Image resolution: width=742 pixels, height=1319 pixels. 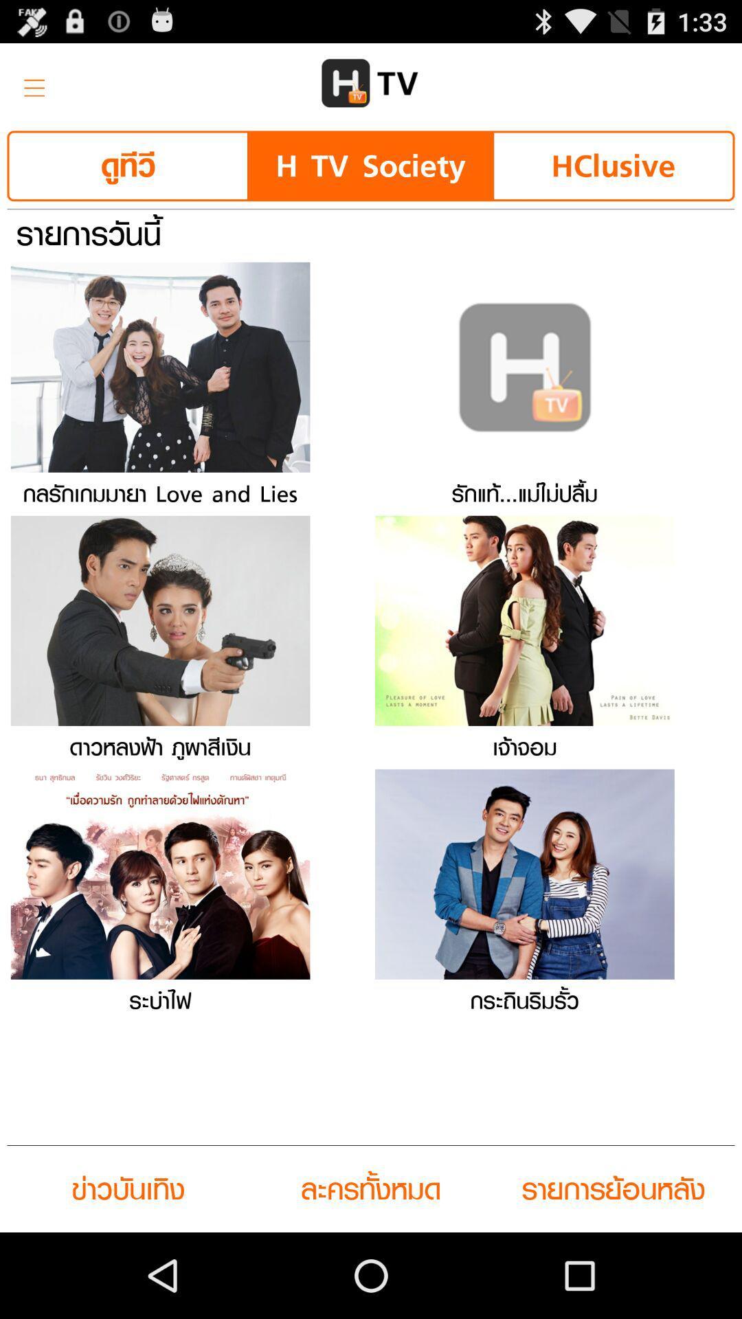 I want to click on icon next to the h tv society button, so click(x=612, y=165).